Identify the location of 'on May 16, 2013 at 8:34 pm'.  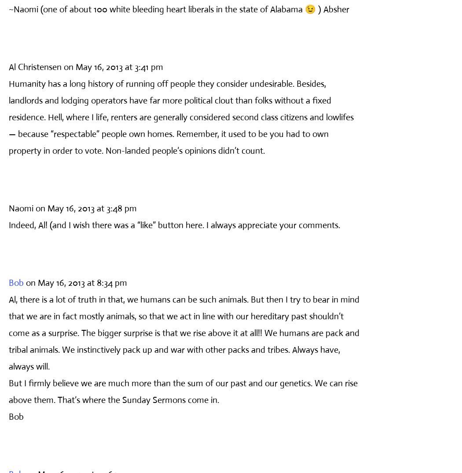
(76, 282).